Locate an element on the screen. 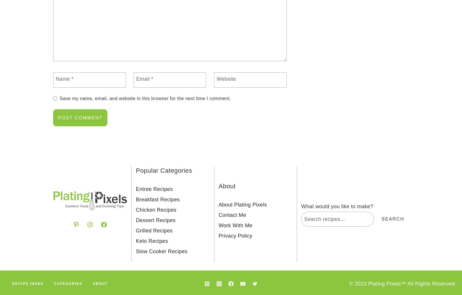  'Keto Recipes' is located at coordinates (151, 240).